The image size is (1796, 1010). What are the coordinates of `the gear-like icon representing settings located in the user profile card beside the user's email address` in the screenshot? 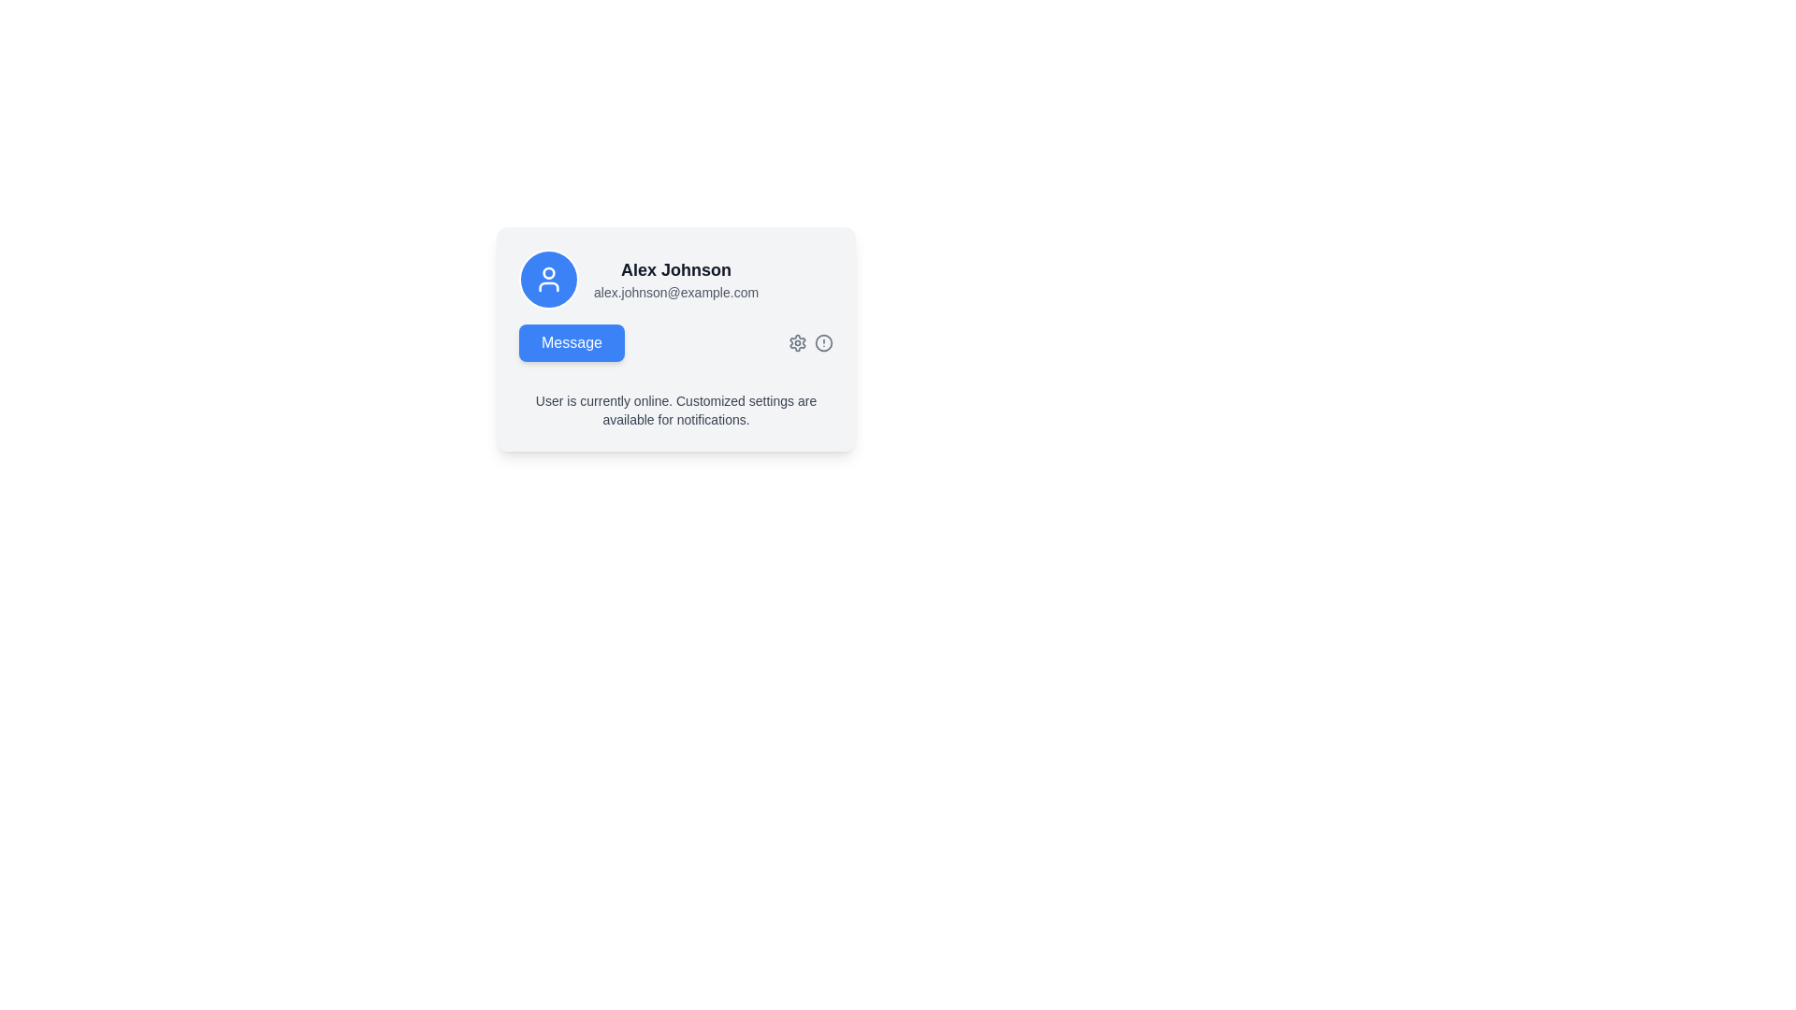 It's located at (798, 342).